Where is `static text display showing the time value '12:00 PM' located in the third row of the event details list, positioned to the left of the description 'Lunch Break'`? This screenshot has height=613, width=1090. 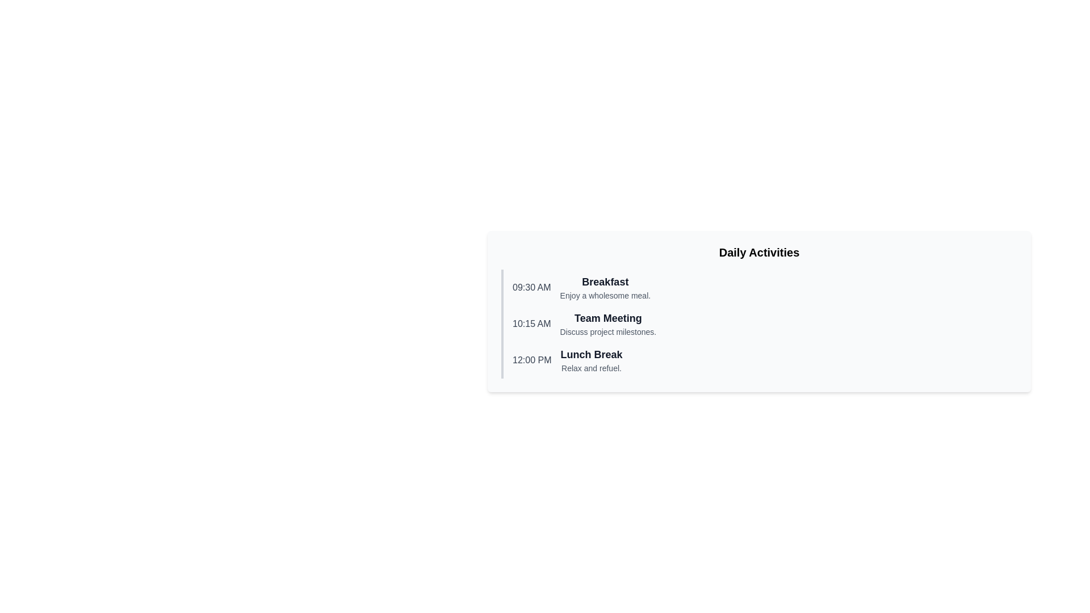
static text display showing the time value '12:00 PM' located in the third row of the event details list, positioned to the left of the description 'Lunch Break' is located at coordinates (531, 360).